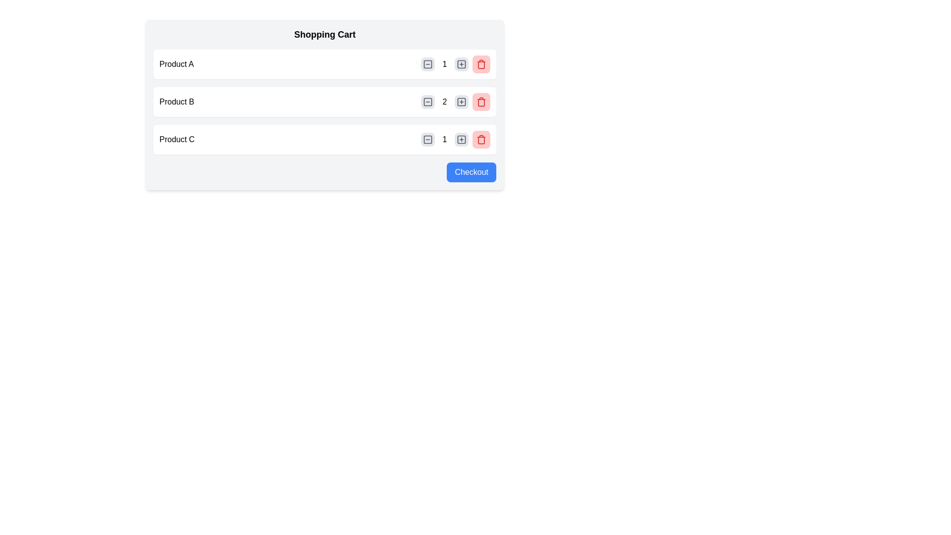  What do you see at coordinates (455, 102) in the screenshot?
I see `the static text label displaying the number '2', which is centrally located in the control sequence for 'Product B', flanked by decrement and increment buttons as well as a trash icon` at bounding box center [455, 102].